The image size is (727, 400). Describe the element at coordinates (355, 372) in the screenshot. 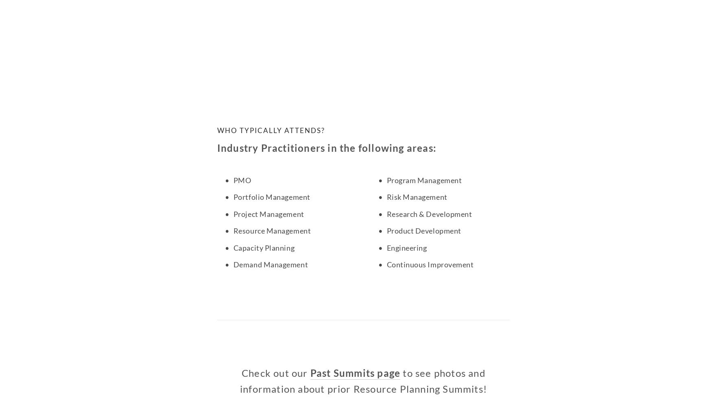

I see `'Past Summits page'` at that location.